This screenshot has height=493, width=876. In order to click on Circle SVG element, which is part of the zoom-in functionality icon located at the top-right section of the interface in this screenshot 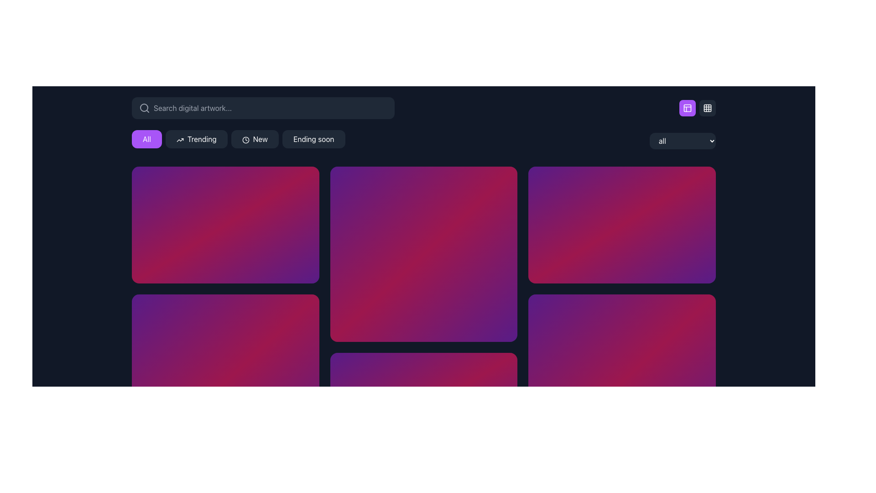, I will do `click(699, 182)`.